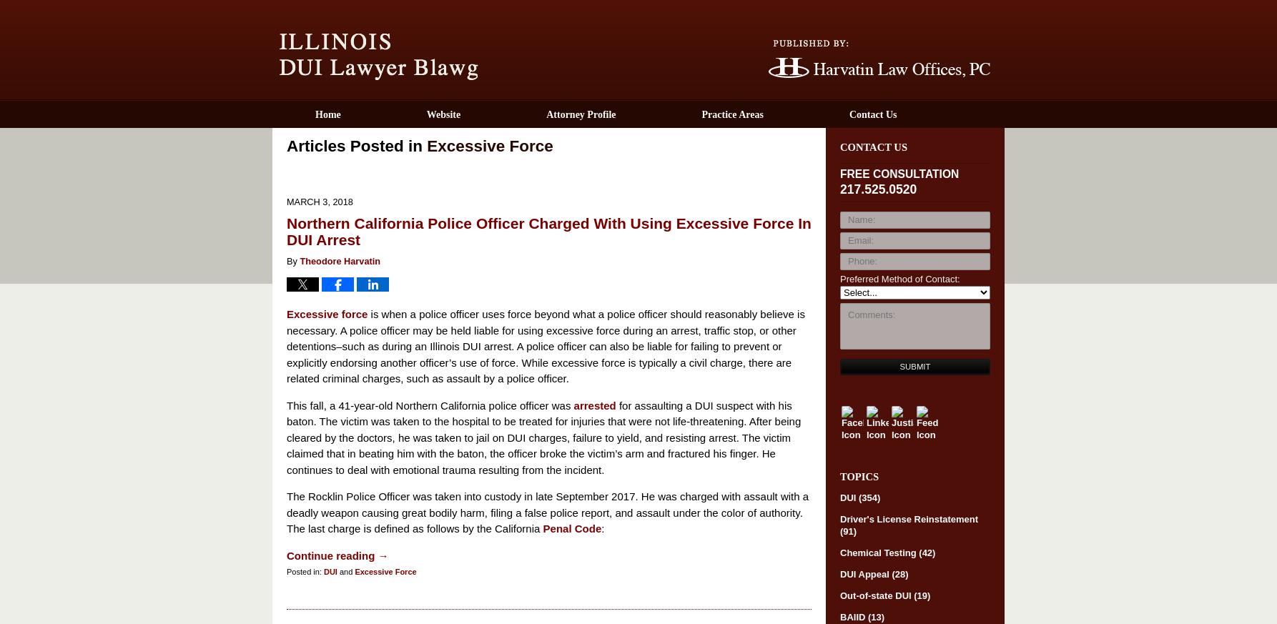 This screenshot has width=1277, height=624. What do you see at coordinates (326, 314) in the screenshot?
I see `'Excessive force'` at bounding box center [326, 314].